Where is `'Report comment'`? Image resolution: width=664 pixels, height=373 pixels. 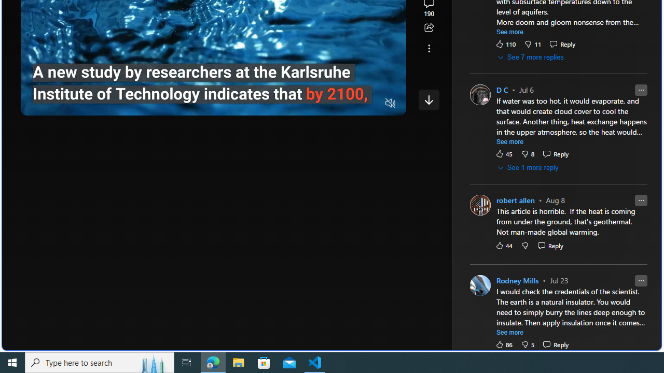 'Report comment' is located at coordinates (640, 280).